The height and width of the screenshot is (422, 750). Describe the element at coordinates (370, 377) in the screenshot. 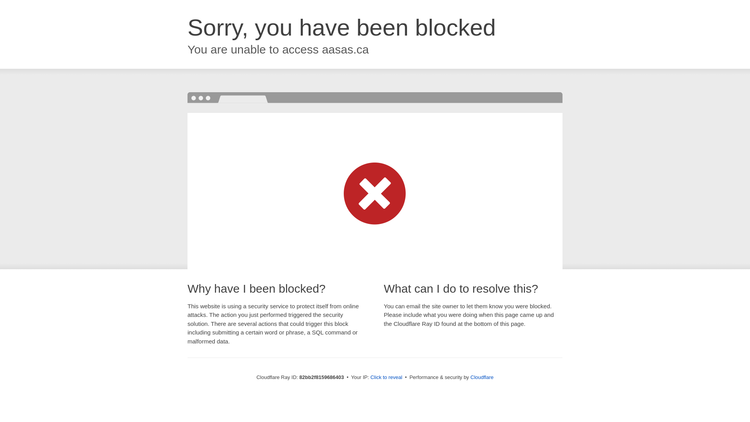

I see `'Click to reveal'` at that location.